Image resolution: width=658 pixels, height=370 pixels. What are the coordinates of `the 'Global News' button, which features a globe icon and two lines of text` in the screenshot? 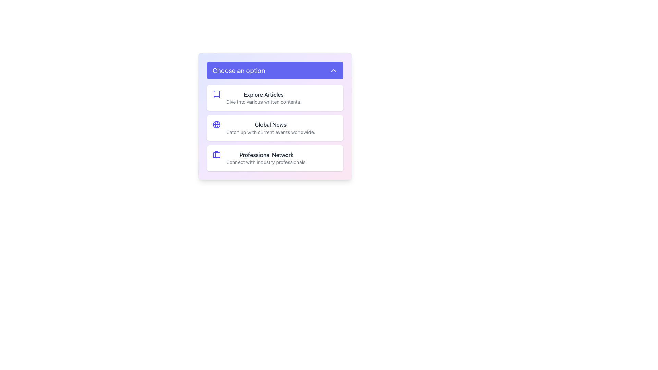 It's located at (275, 128).